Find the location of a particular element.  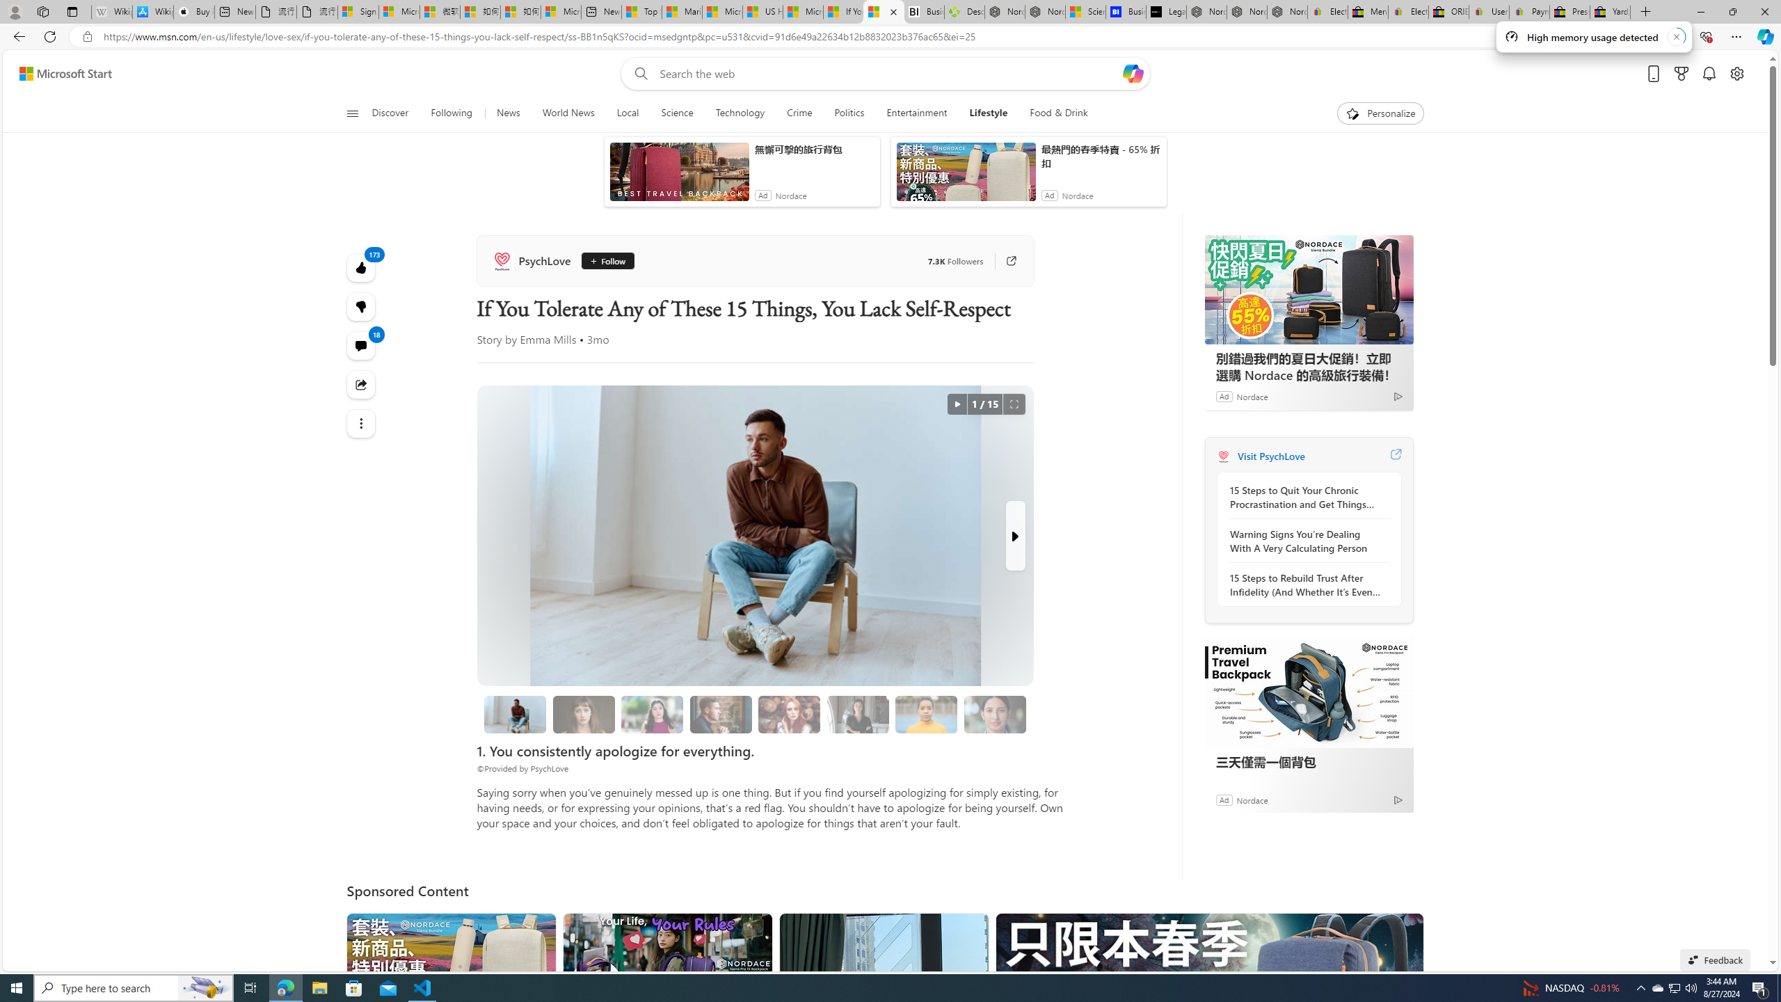

'Full screen' is located at coordinates (1013, 404).